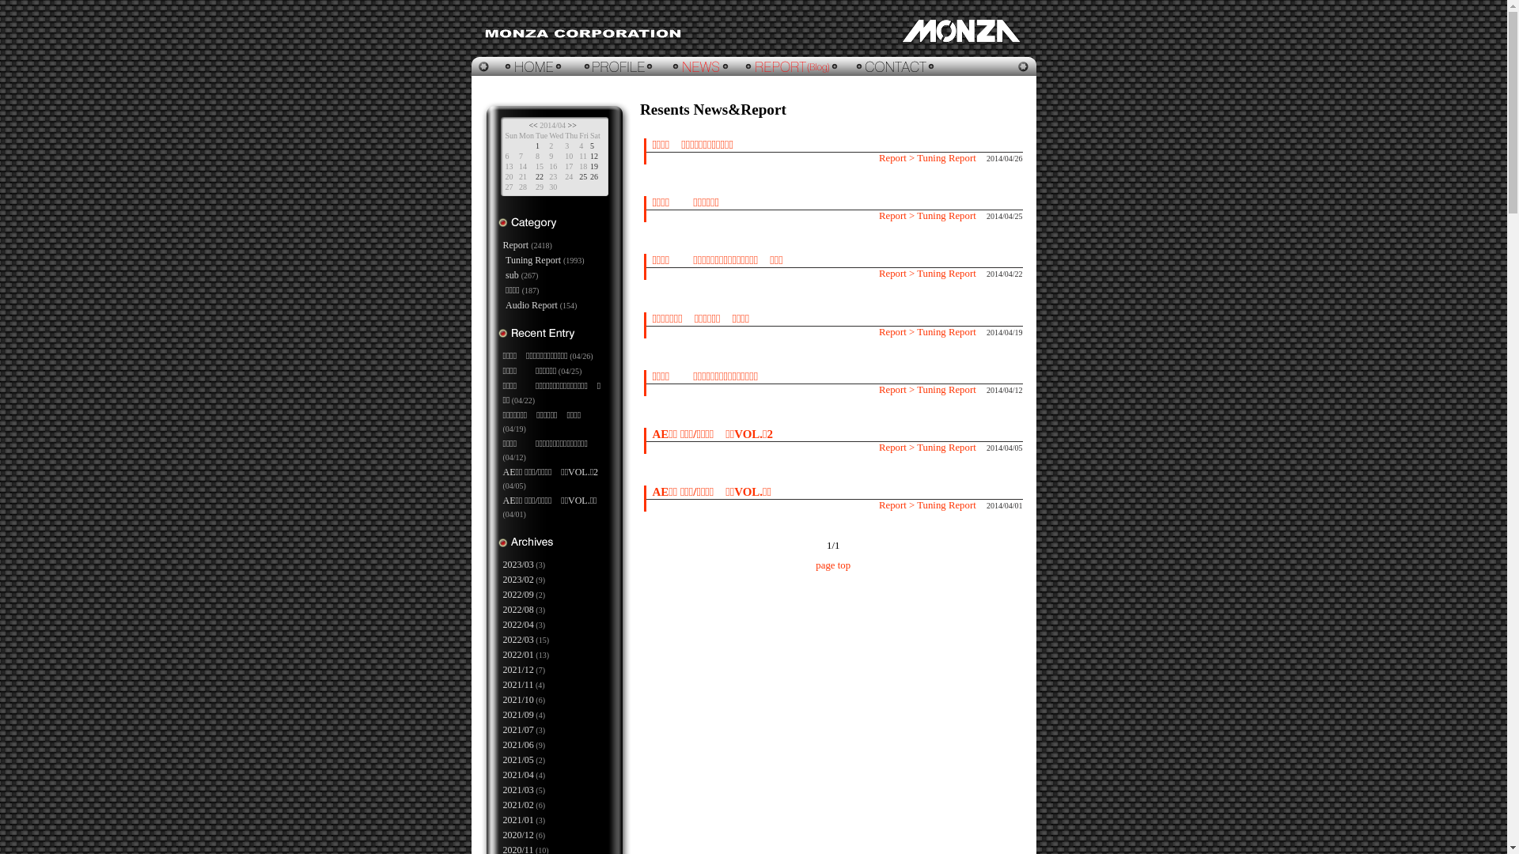 The height and width of the screenshot is (854, 1519). What do you see at coordinates (518, 698) in the screenshot?
I see `'2021/10'` at bounding box center [518, 698].